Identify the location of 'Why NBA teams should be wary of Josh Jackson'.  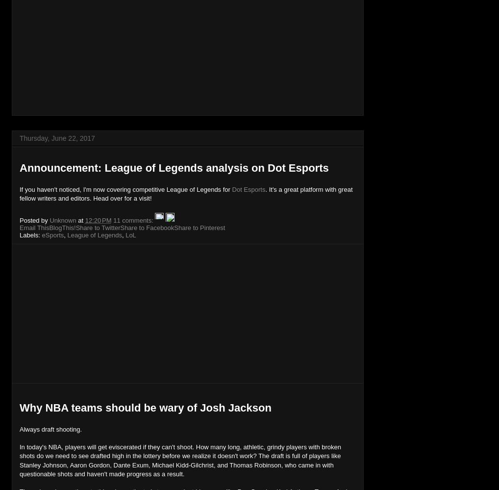
(145, 407).